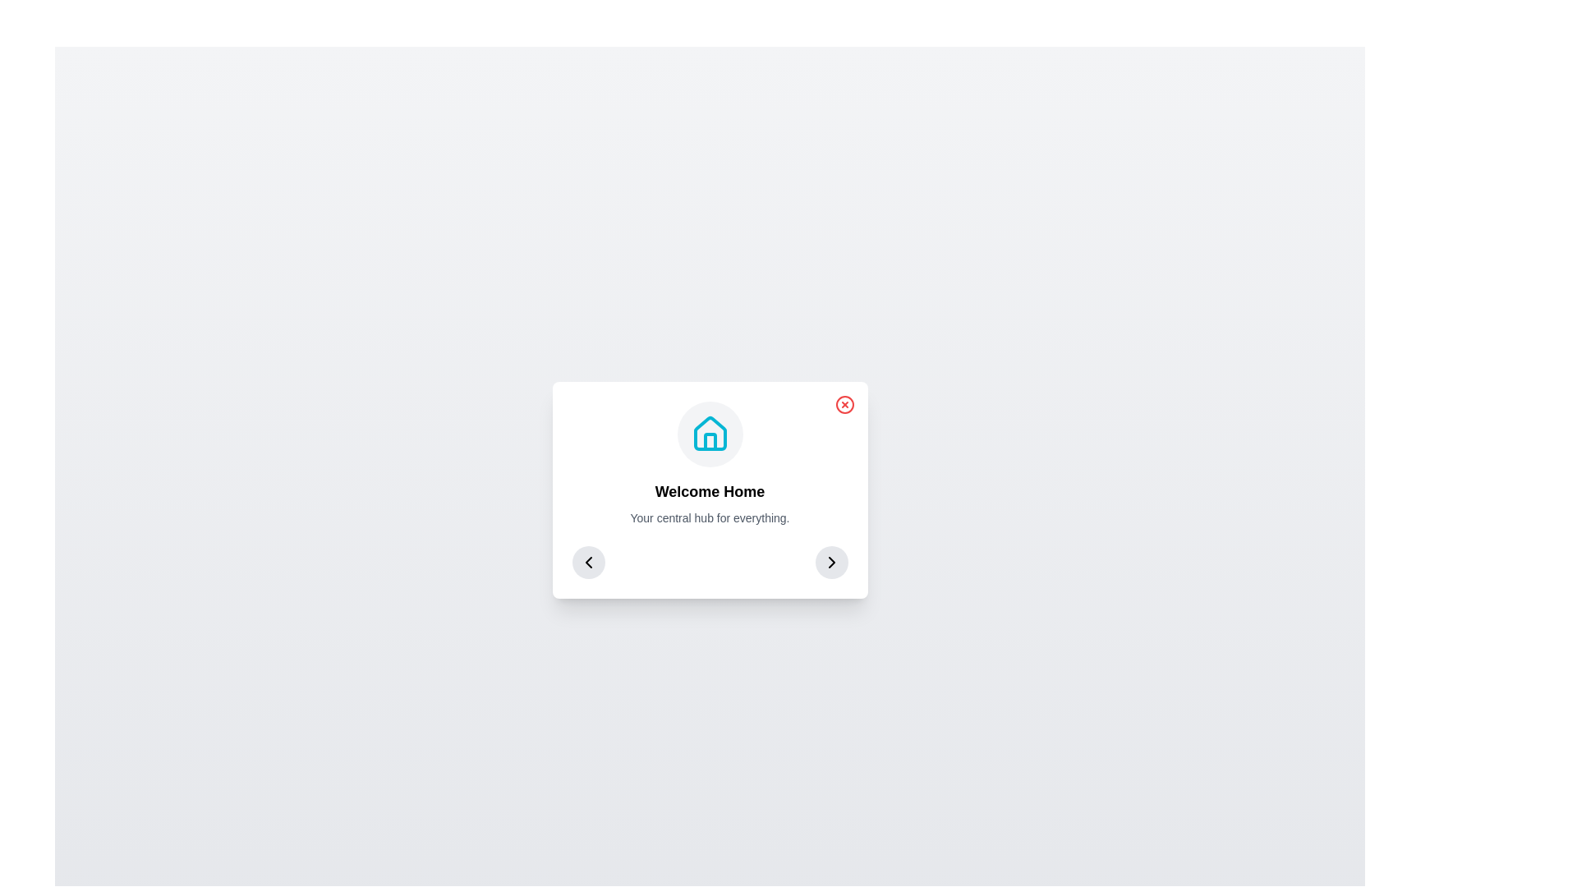 This screenshot has height=887, width=1577. I want to click on the circular button with a light gray background and a black left-pointing chevron icon, so click(588, 562).